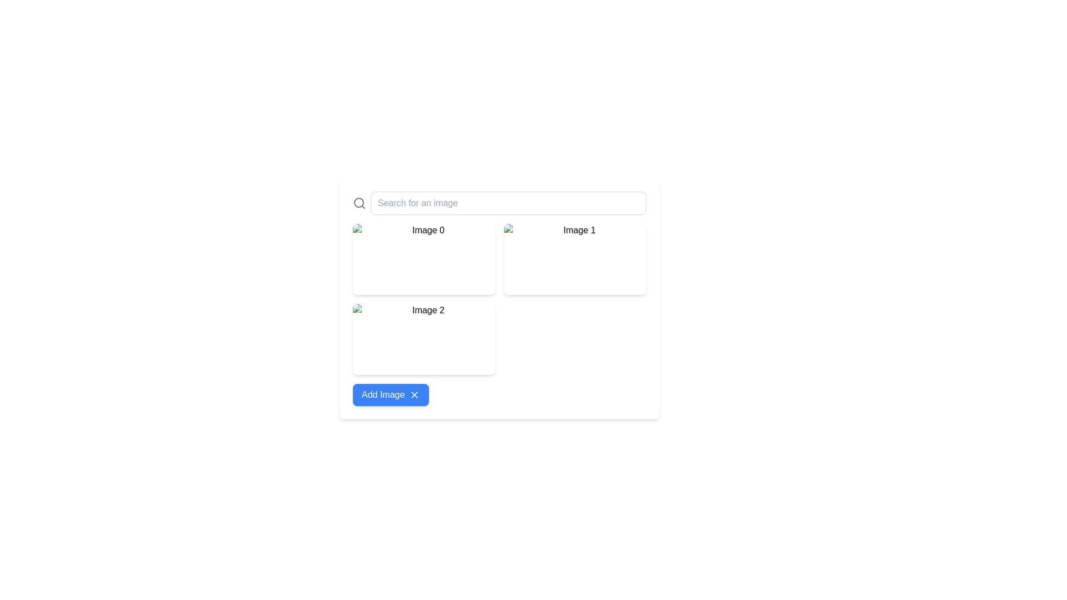  What do you see at coordinates (414, 394) in the screenshot?
I see `the close or cancel icon located at the far right side of the blue 'Add Image' button` at bounding box center [414, 394].